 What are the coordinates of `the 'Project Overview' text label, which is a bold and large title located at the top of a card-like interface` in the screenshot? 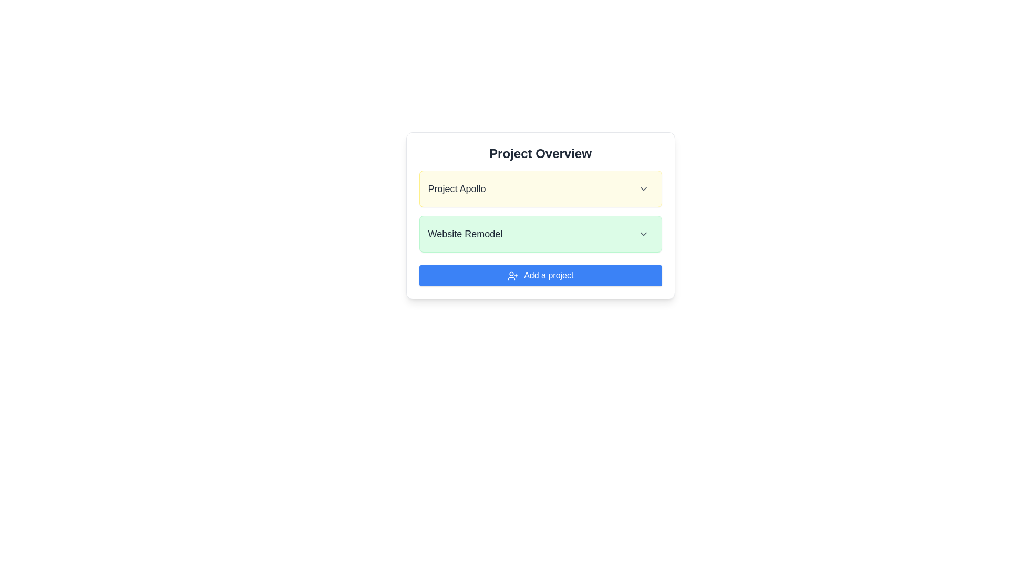 It's located at (540, 154).